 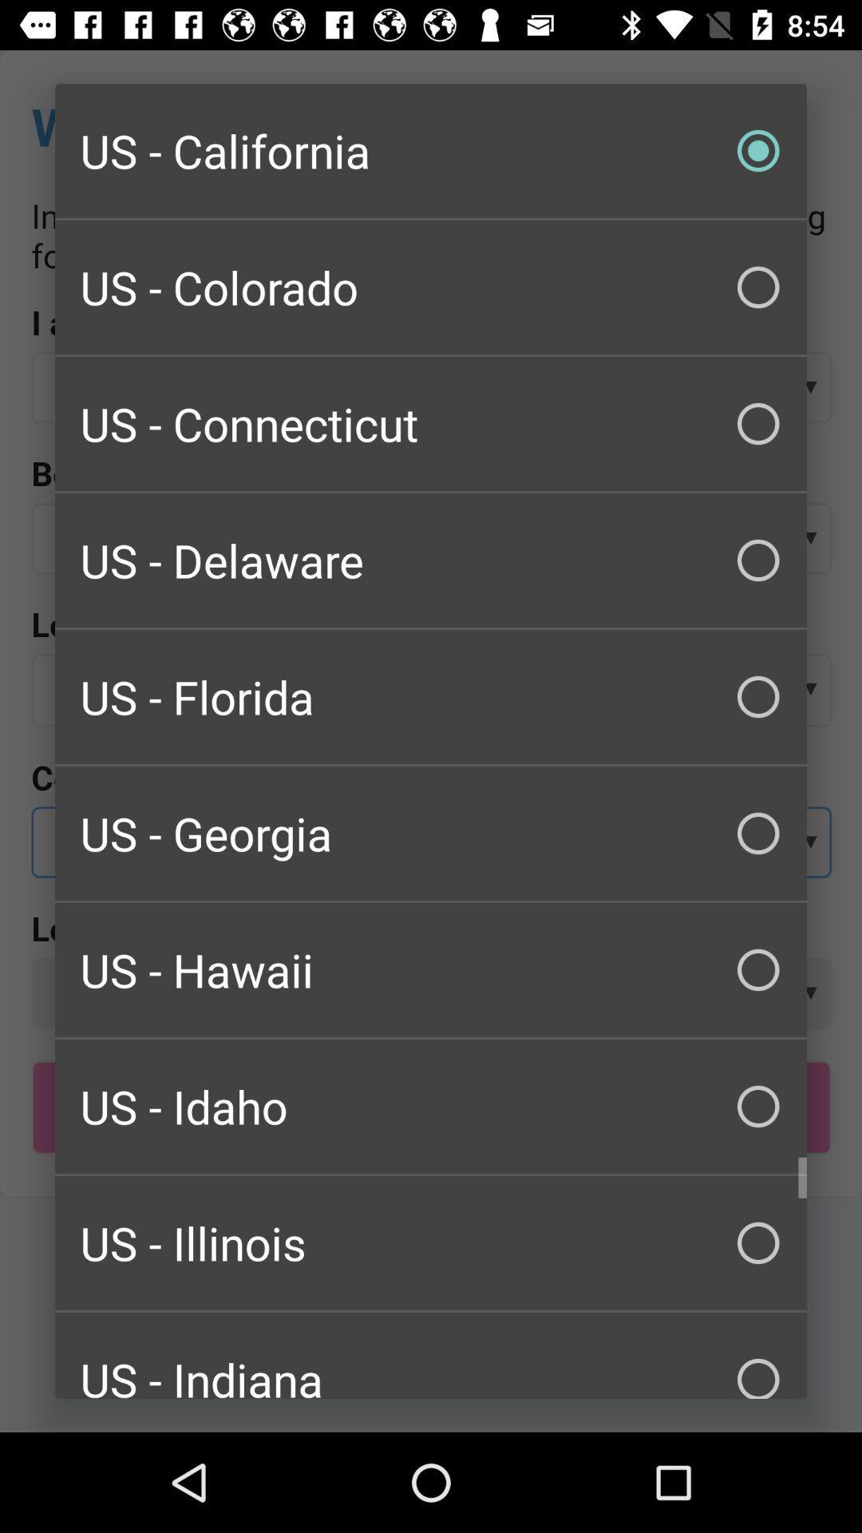 What do you see at coordinates (431, 287) in the screenshot?
I see `the item below us - california icon` at bounding box center [431, 287].